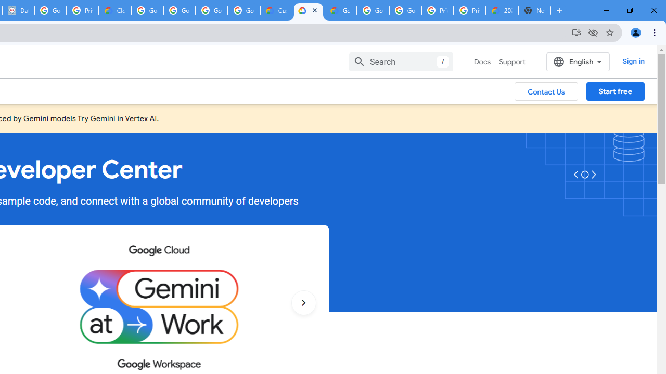 This screenshot has width=666, height=374. Describe the element at coordinates (244, 10) in the screenshot. I see `'Google Workspace - Specific Terms'` at that location.